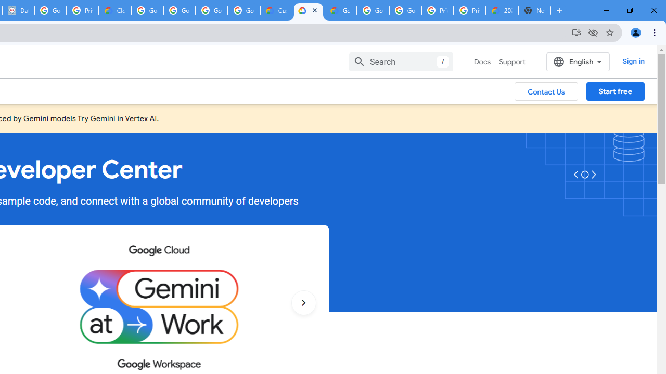 This screenshot has width=666, height=374. Describe the element at coordinates (244, 10) in the screenshot. I see `'Google Workspace - Specific Terms'` at that location.